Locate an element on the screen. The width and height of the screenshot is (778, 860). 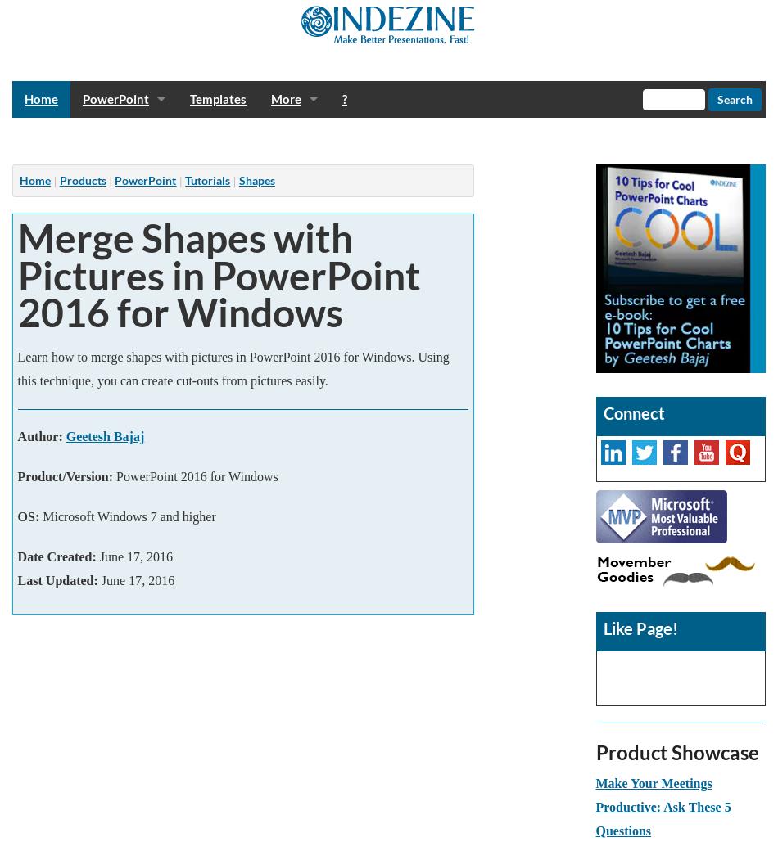
'Tutorials' is located at coordinates (206, 180).